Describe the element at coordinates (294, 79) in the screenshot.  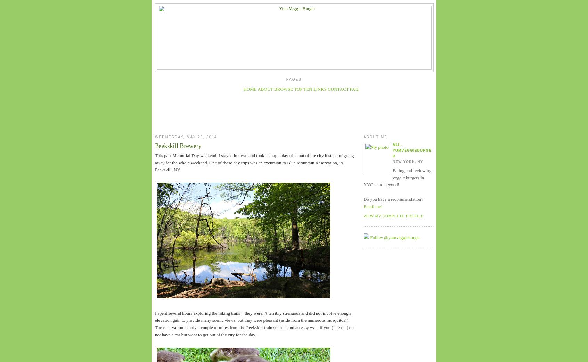
I see `'Pages'` at that location.